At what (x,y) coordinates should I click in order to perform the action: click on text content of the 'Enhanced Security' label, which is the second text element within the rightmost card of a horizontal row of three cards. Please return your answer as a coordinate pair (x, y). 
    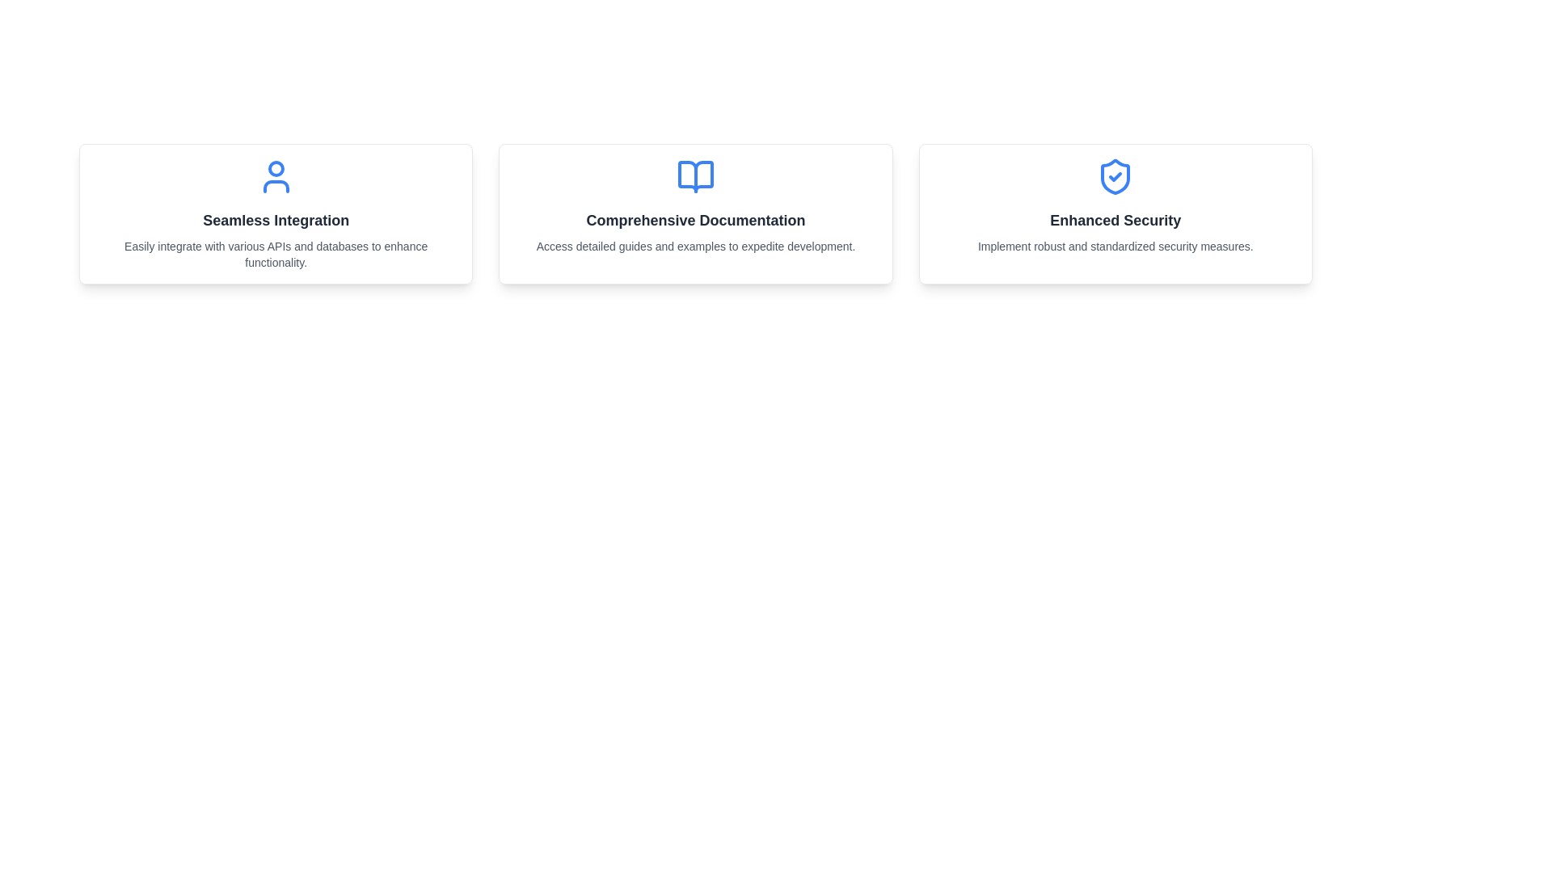
    Looking at the image, I should click on (1115, 221).